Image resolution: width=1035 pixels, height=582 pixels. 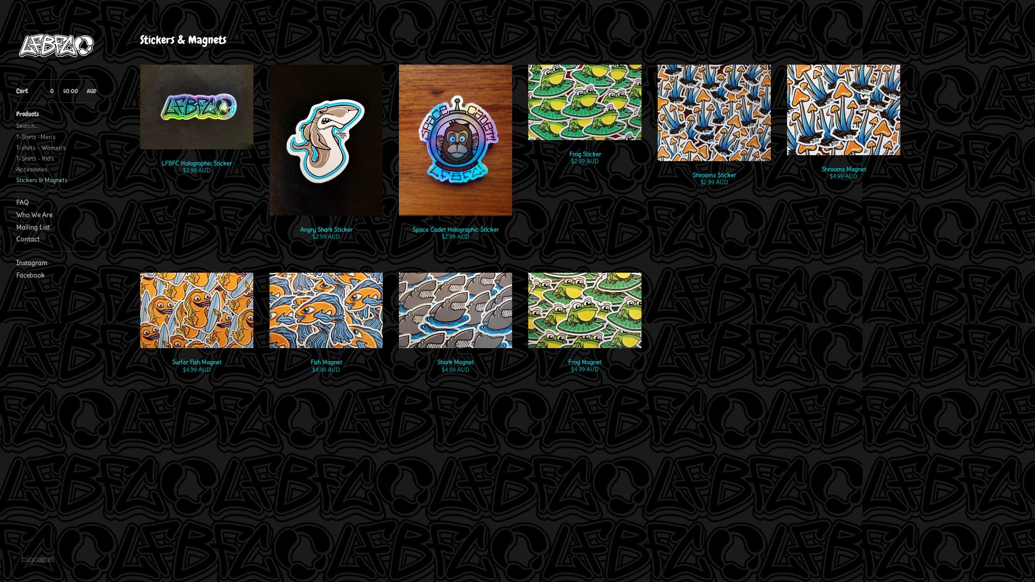 I want to click on 'Mailing List', so click(x=16, y=227).